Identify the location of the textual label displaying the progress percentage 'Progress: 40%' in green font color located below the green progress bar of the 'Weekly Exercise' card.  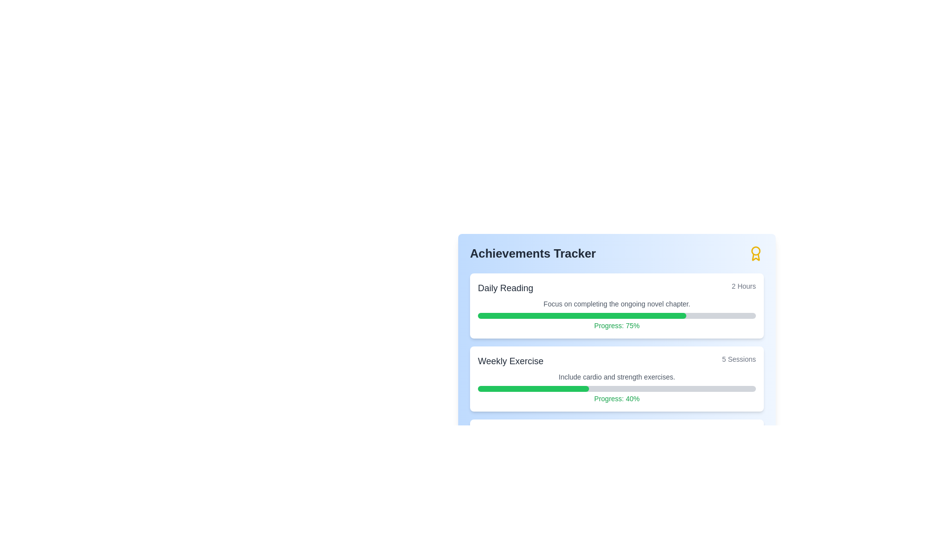
(616, 398).